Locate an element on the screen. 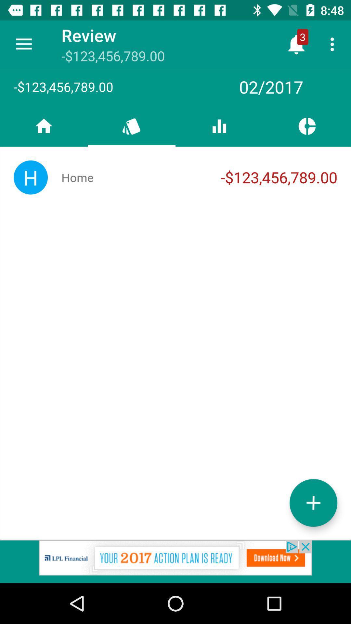  more is located at coordinates (313, 502).